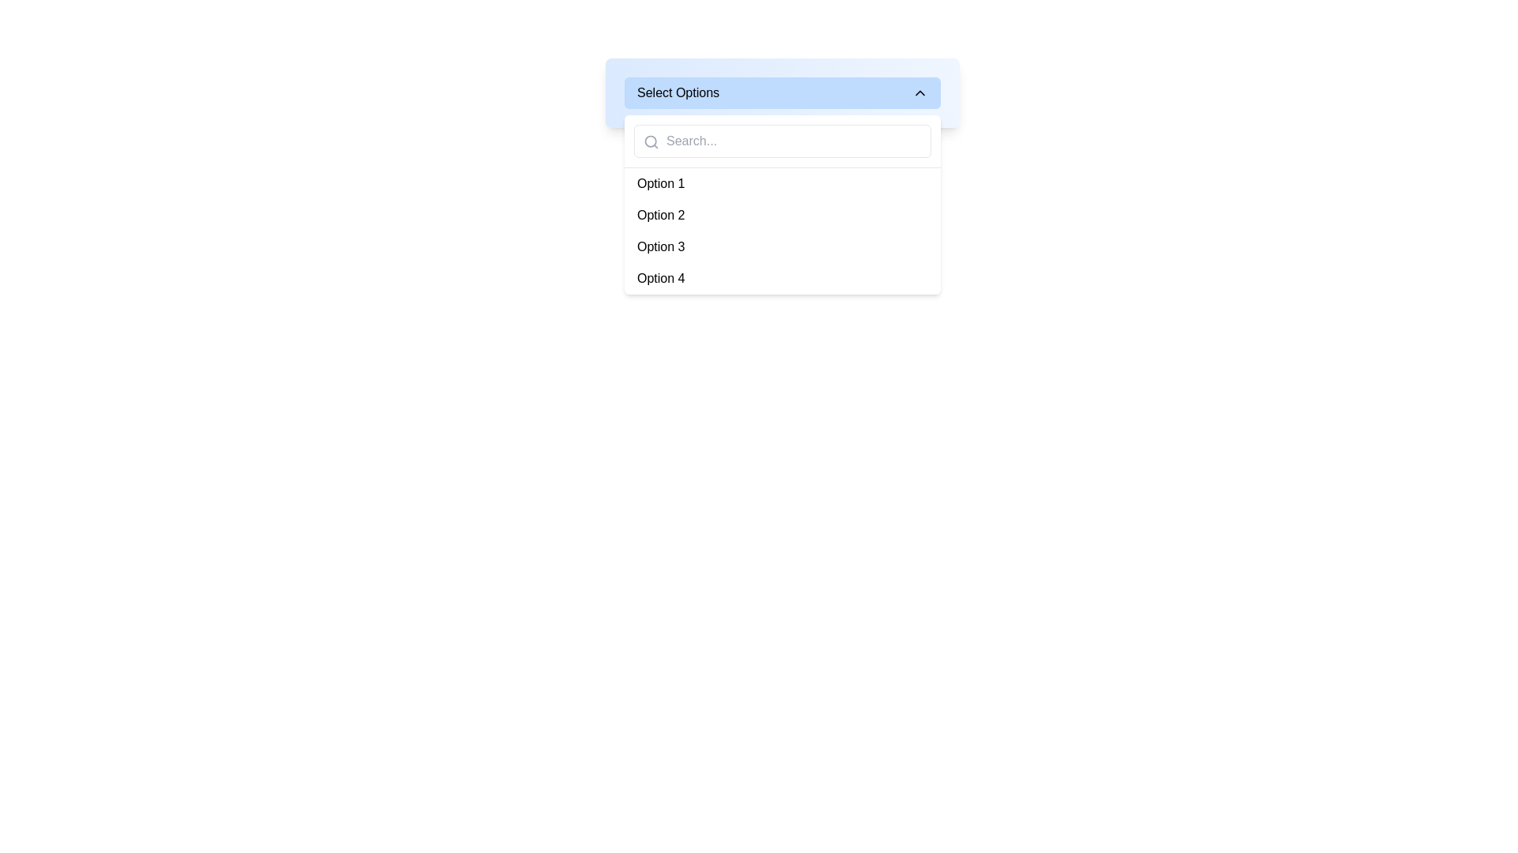 This screenshot has width=1518, height=853. Describe the element at coordinates (661, 216) in the screenshot. I see `the text item 'Option 2' in the dropdown list` at that location.